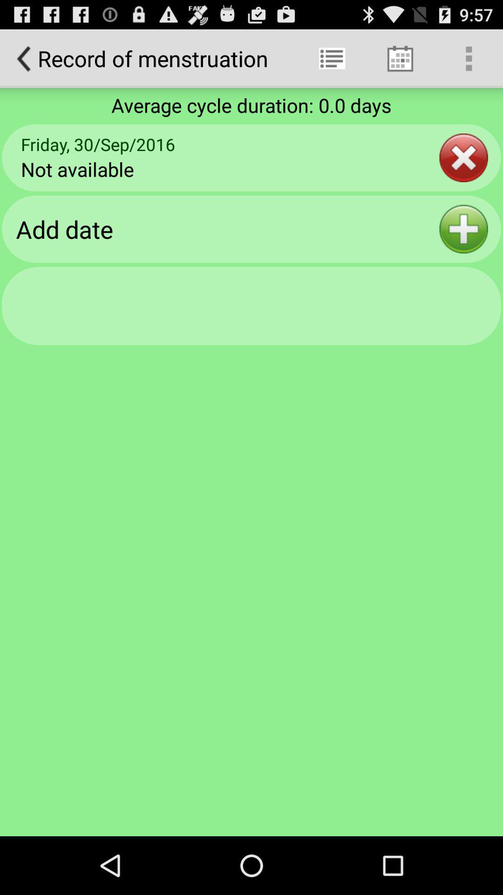  What do you see at coordinates (463, 158) in the screenshot?
I see `delete entry` at bounding box center [463, 158].